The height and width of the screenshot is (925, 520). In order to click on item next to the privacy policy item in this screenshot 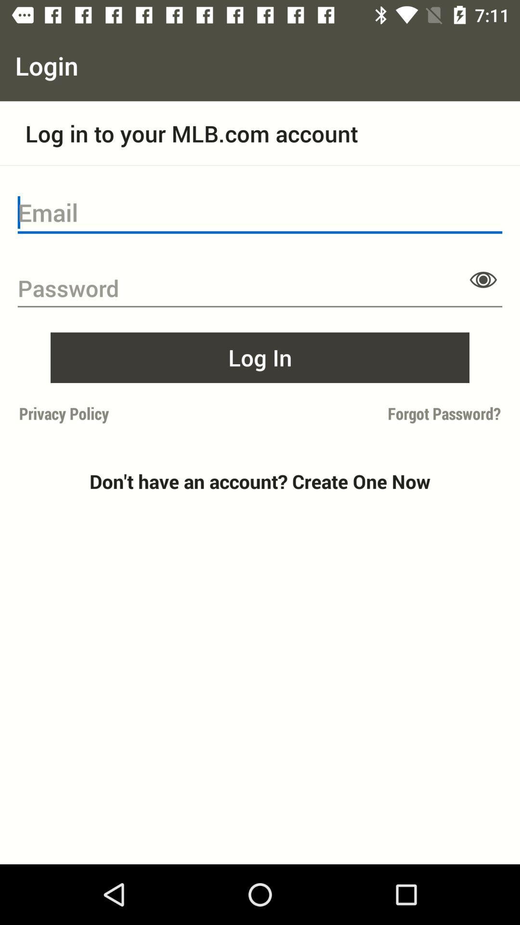, I will do `click(383, 413)`.